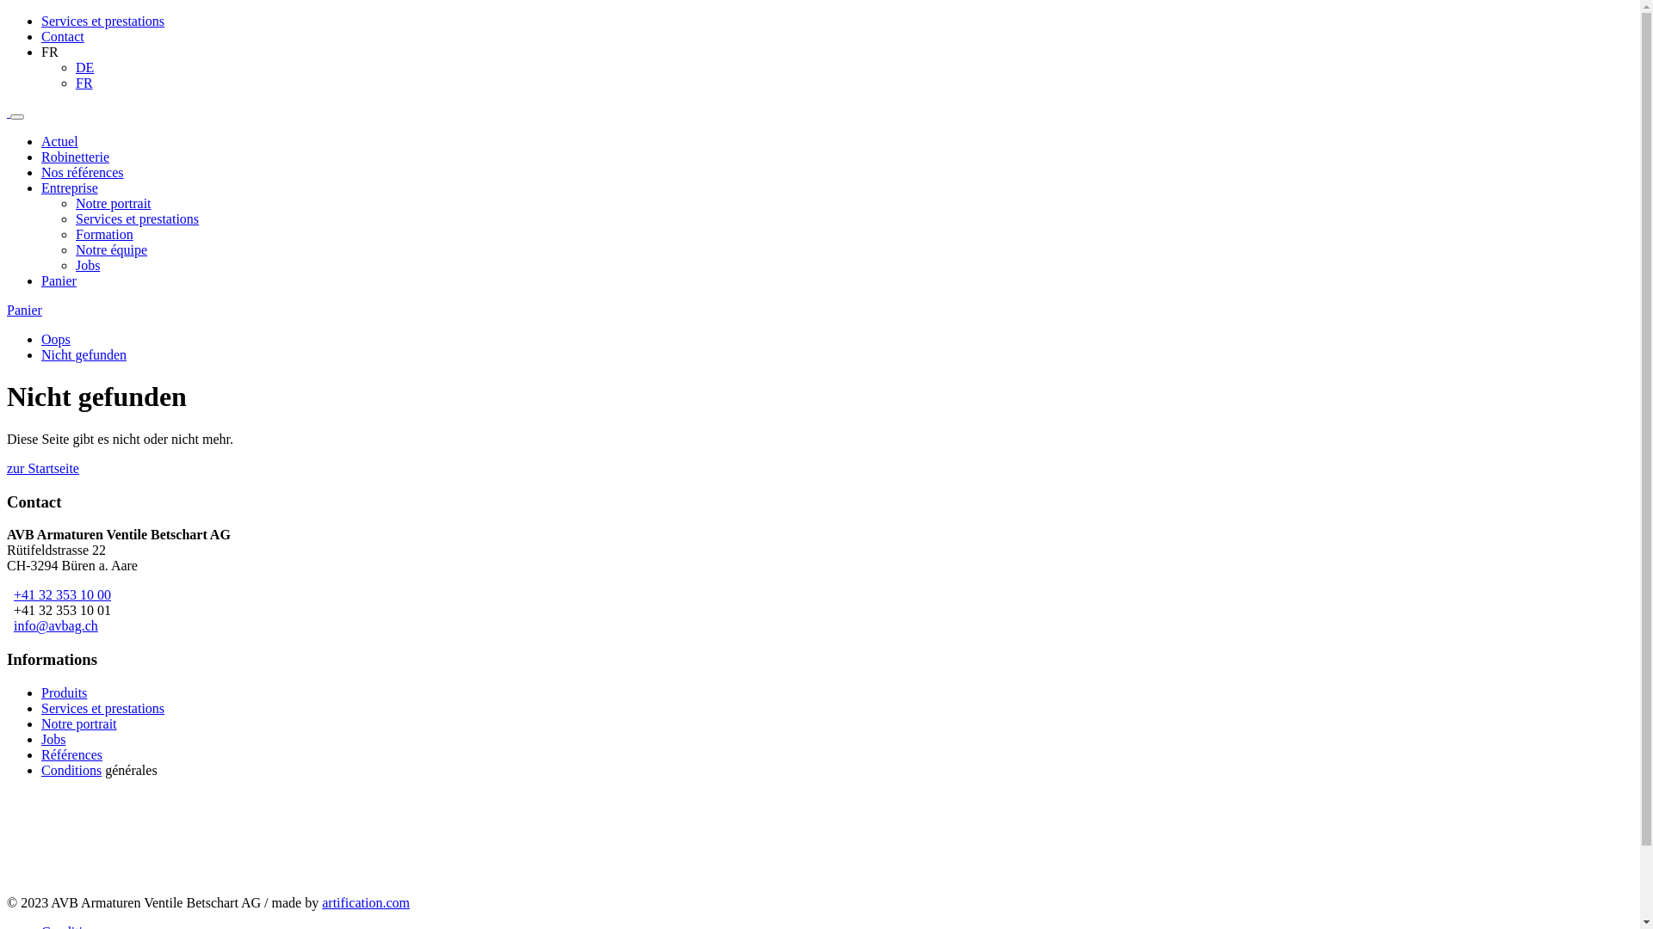 This screenshot has width=1653, height=929. I want to click on 'Robinetterie', so click(74, 157).